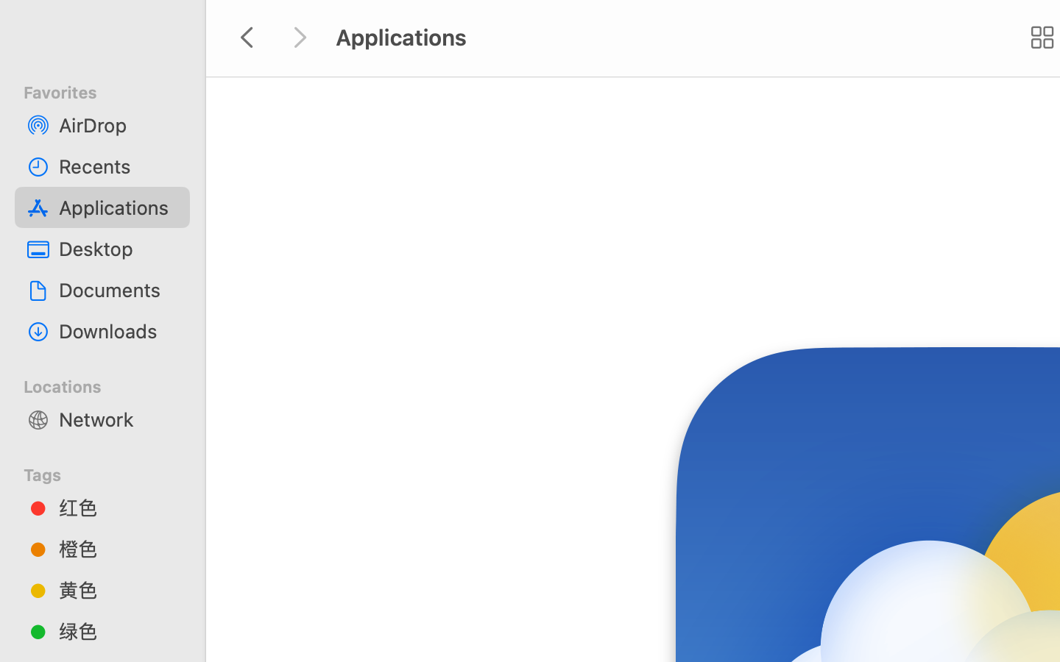 This screenshot has height=662, width=1060. Describe the element at coordinates (110, 383) in the screenshot. I see `'Locations'` at that location.